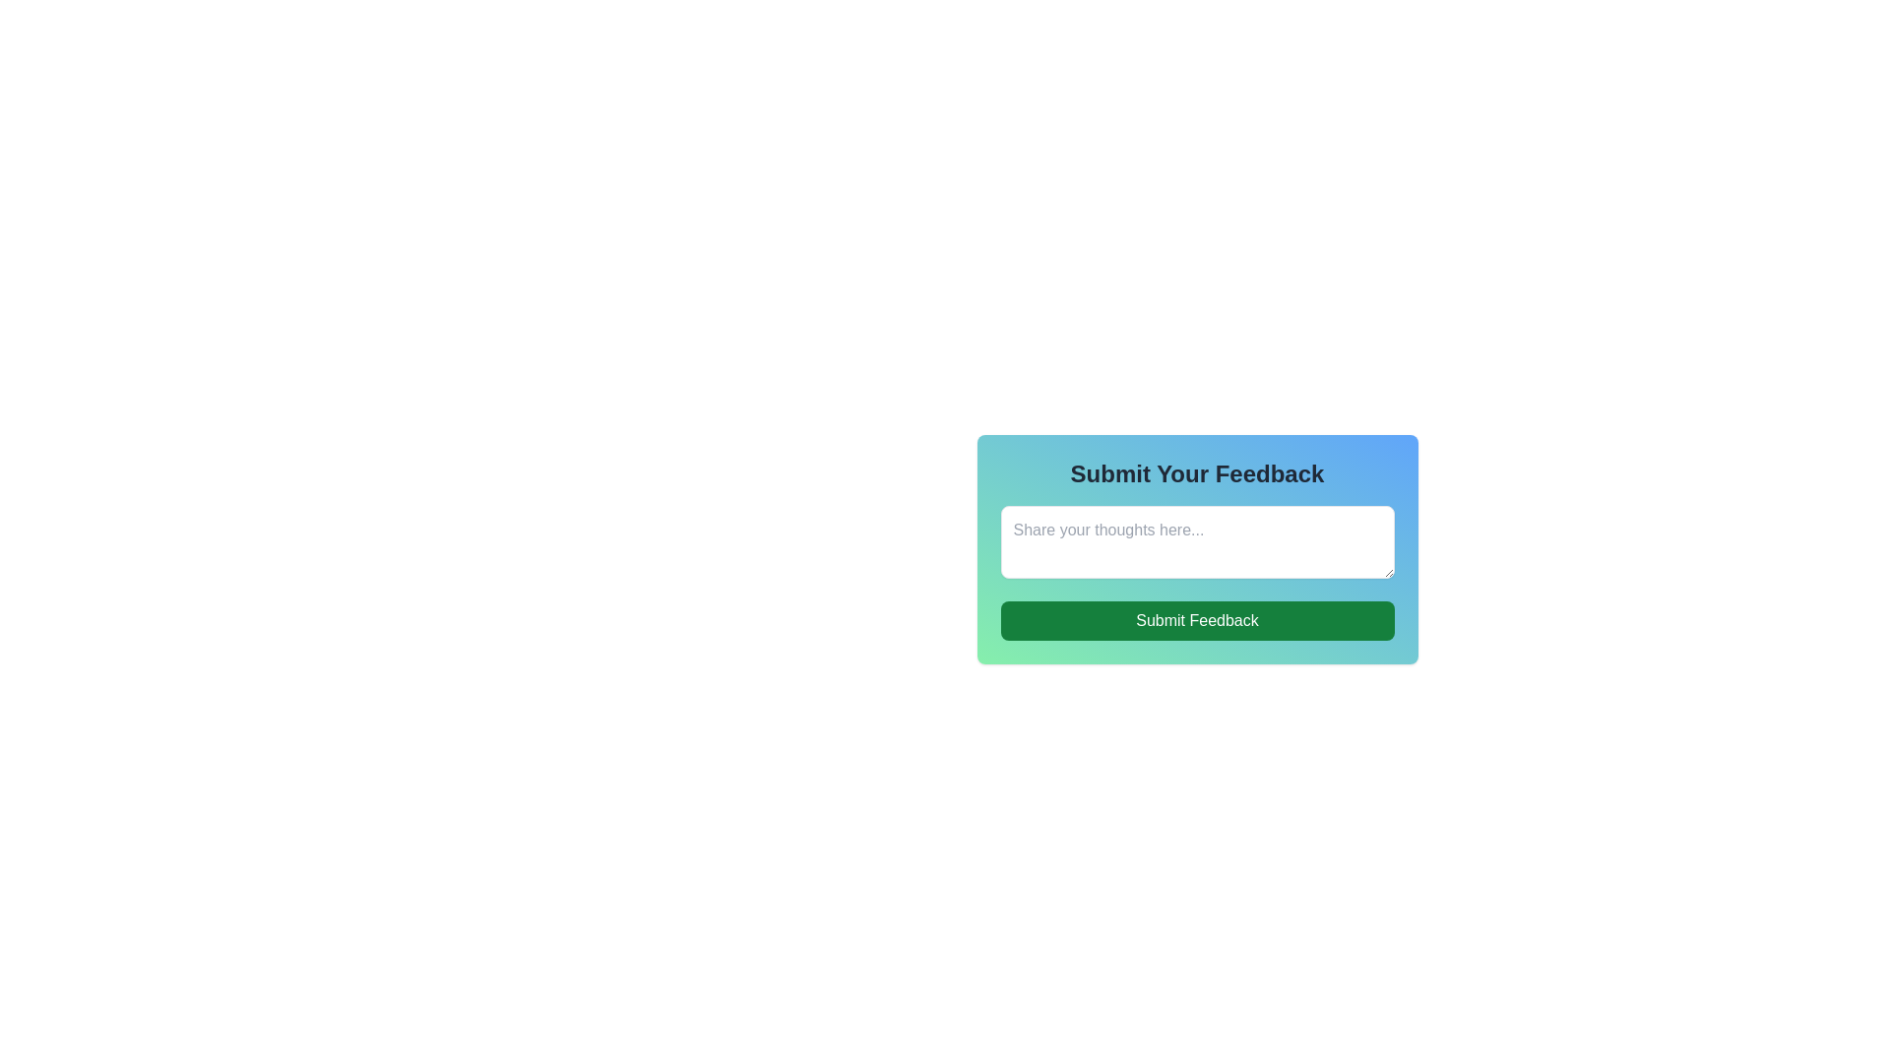 Image resolution: width=1890 pixels, height=1063 pixels. What do you see at coordinates (1196, 542) in the screenshot?
I see `the text input field located below the 'Submit Your Feedback' header and above the 'Submit Feedback' button` at bounding box center [1196, 542].